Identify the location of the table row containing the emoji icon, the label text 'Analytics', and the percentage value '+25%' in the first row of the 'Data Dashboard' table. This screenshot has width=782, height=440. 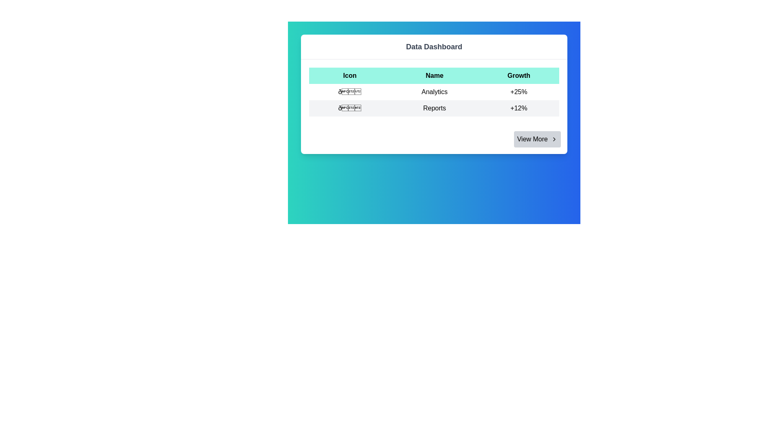
(433, 92).